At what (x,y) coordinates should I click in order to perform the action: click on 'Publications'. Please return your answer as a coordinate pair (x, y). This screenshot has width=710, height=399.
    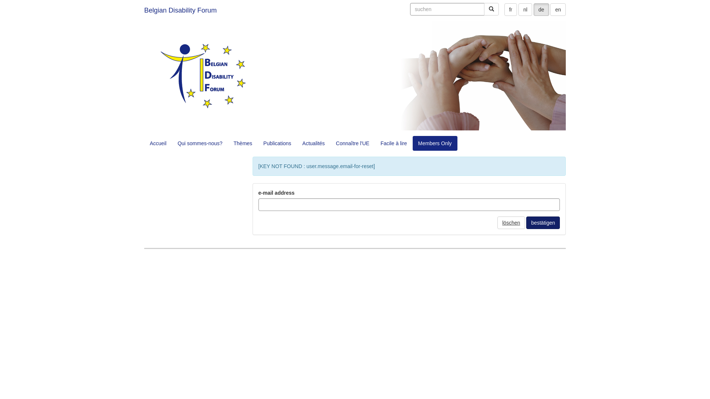
    Looking at the image, I should click on (277, 143).